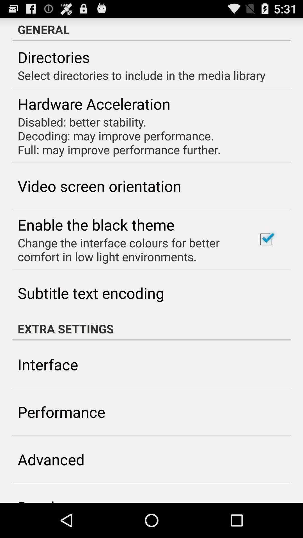 The width and height of the screenshot is (303, 538). Describe the element at coordinates (266, 239) in the screenshot. I see `item on the right` at that location.